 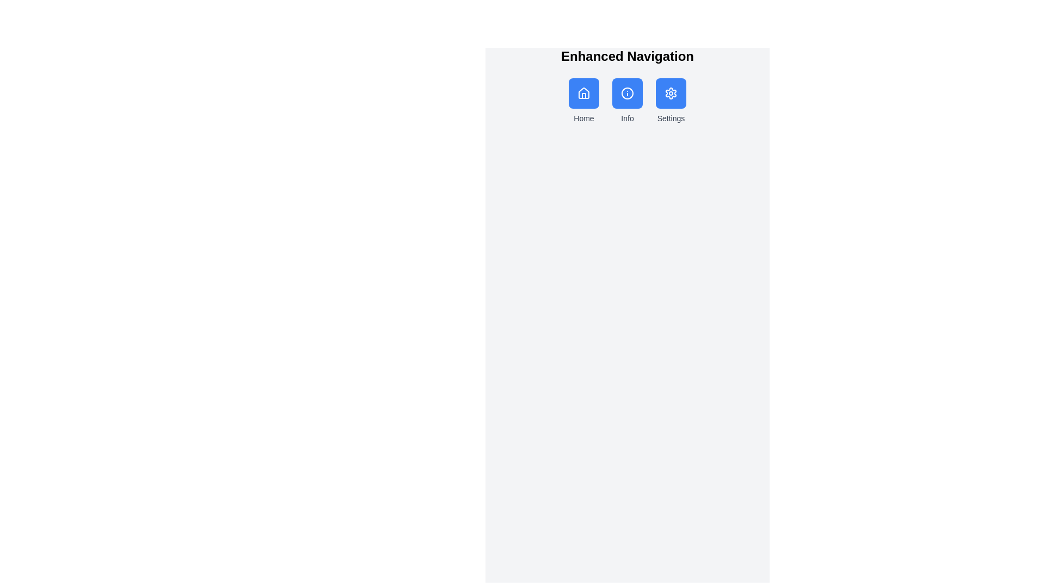 What do you see at coordinates (671, 93) in the screenshot?
I see `the settings icon integrated into the button located in the third position from the left, beneath the 'Enhanced Navigation' title` at bounding box center [671, 93].